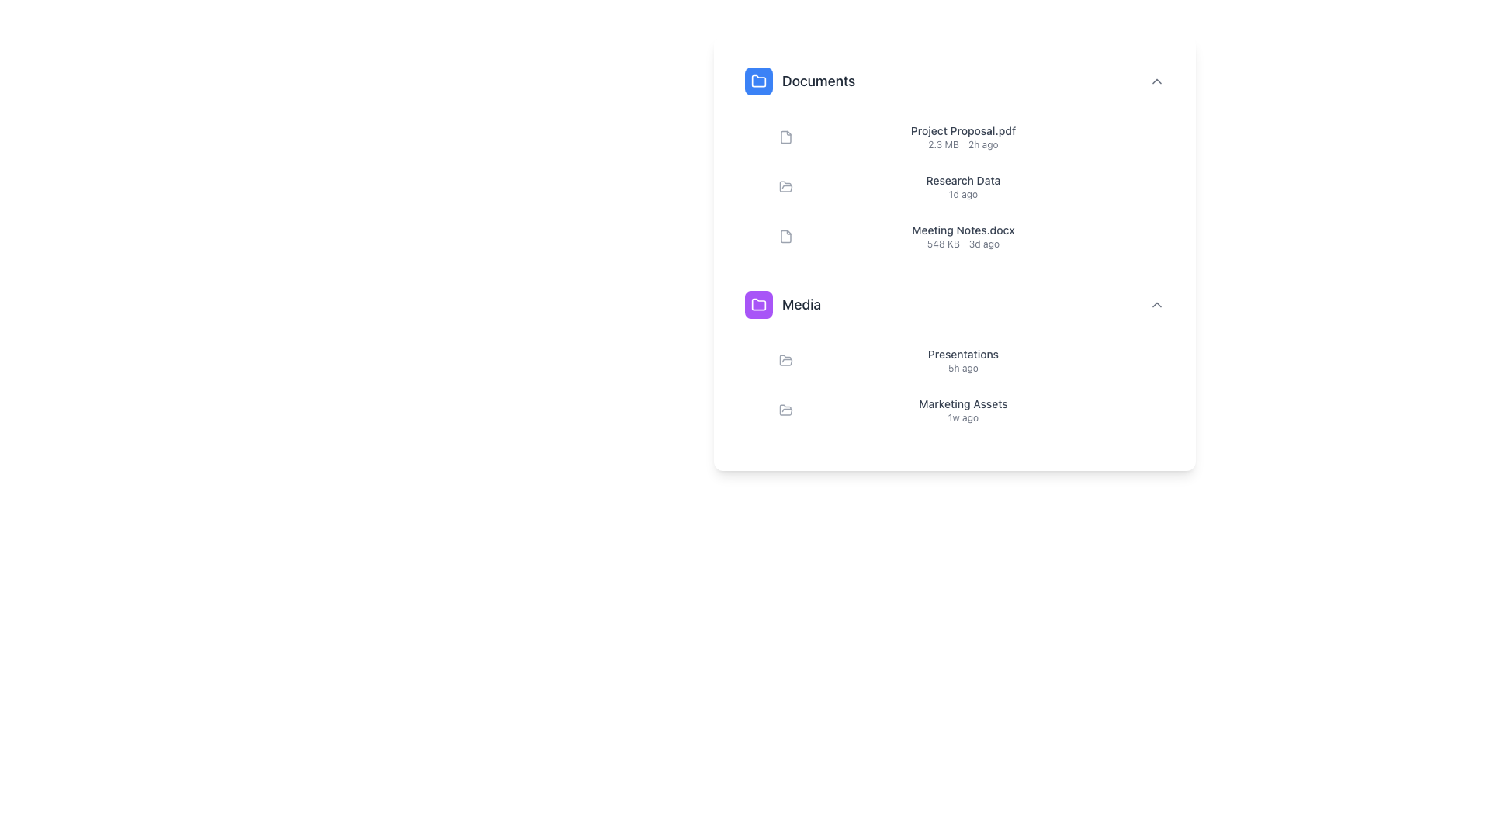  Describe the element at coordinates (785, 236) in the screenshot. I see `the document icon for 'Meeting Notes.docx' which is gray and has a stylized corner fold, located at the far left side of the file name in the 'Documents' section` at that location.